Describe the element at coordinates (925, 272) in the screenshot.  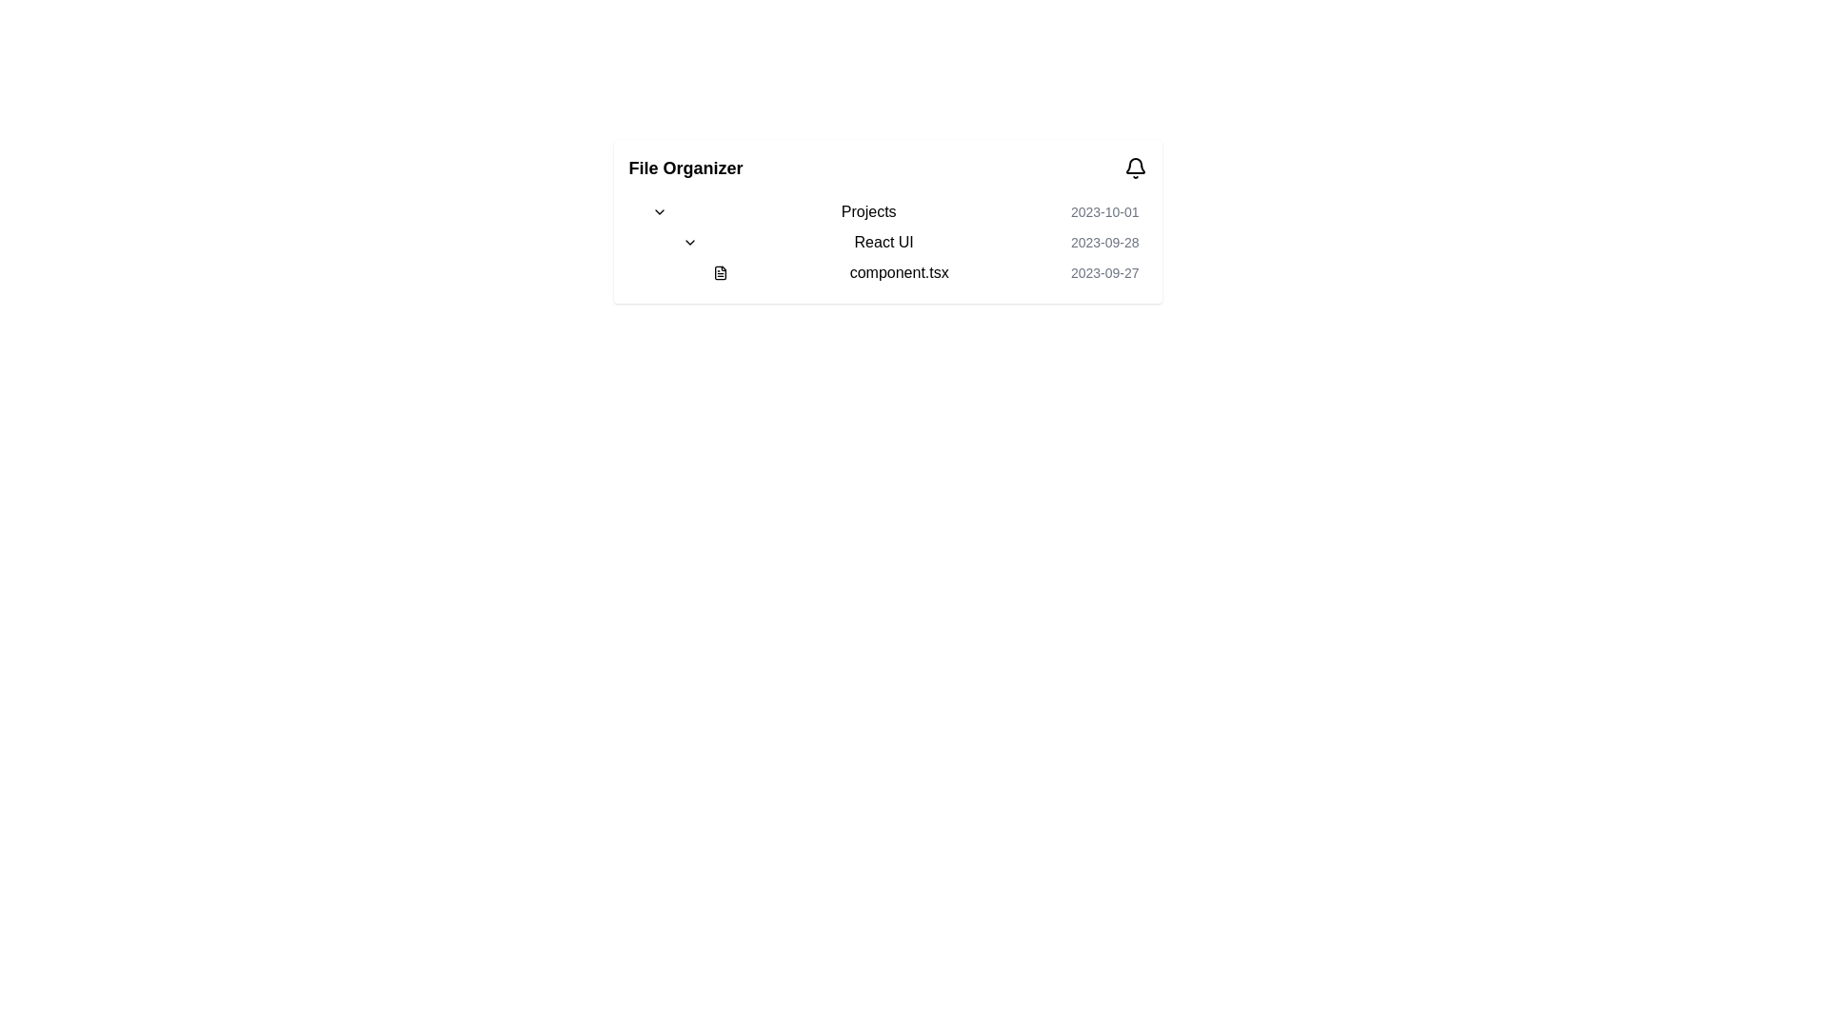
I see `the 'component.tsx' file entry row` at that location.